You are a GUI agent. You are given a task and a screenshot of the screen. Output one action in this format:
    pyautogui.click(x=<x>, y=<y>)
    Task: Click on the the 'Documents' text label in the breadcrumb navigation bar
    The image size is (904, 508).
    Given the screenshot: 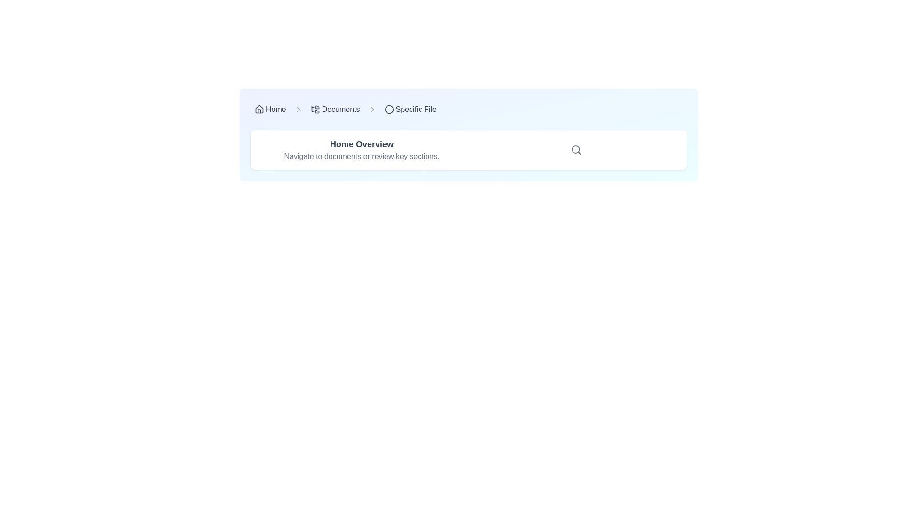 What is the action you would take?
    pyautogui.click(x=340, y=109)
    